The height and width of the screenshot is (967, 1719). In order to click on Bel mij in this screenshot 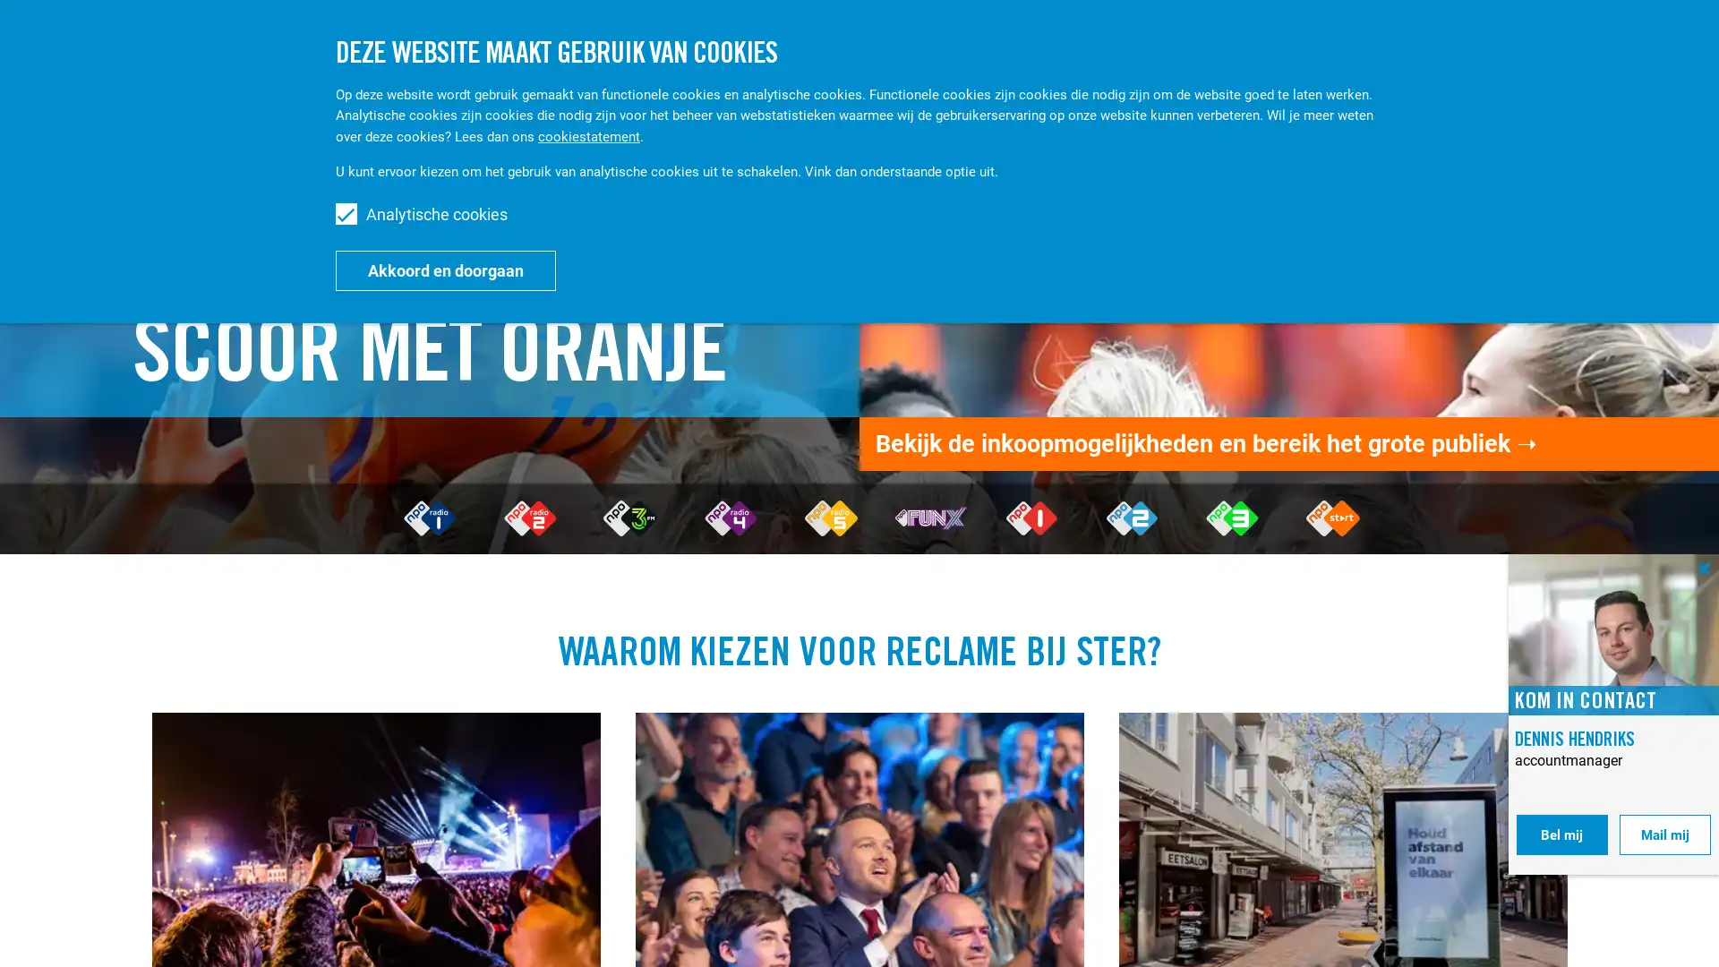, I will do `click(1561, 834)`.